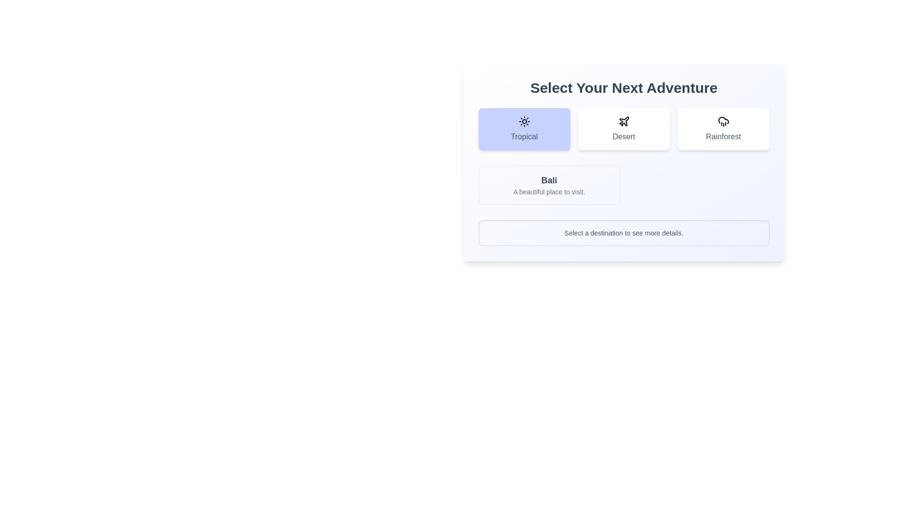  What do you see at coordinates (624, 233) in the screenshot?
I see `the informational Text label that guides users about the next step in their interaction flow, positioned below primary interactive elements` at bounding box center [624, 233].